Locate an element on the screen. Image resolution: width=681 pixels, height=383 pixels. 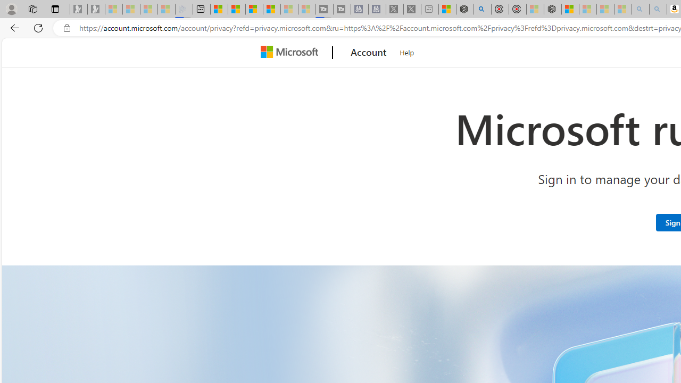
'Nordace - Nordace Siena Is Not An Ordinary Backpack' is located at coordinates (552, 9).